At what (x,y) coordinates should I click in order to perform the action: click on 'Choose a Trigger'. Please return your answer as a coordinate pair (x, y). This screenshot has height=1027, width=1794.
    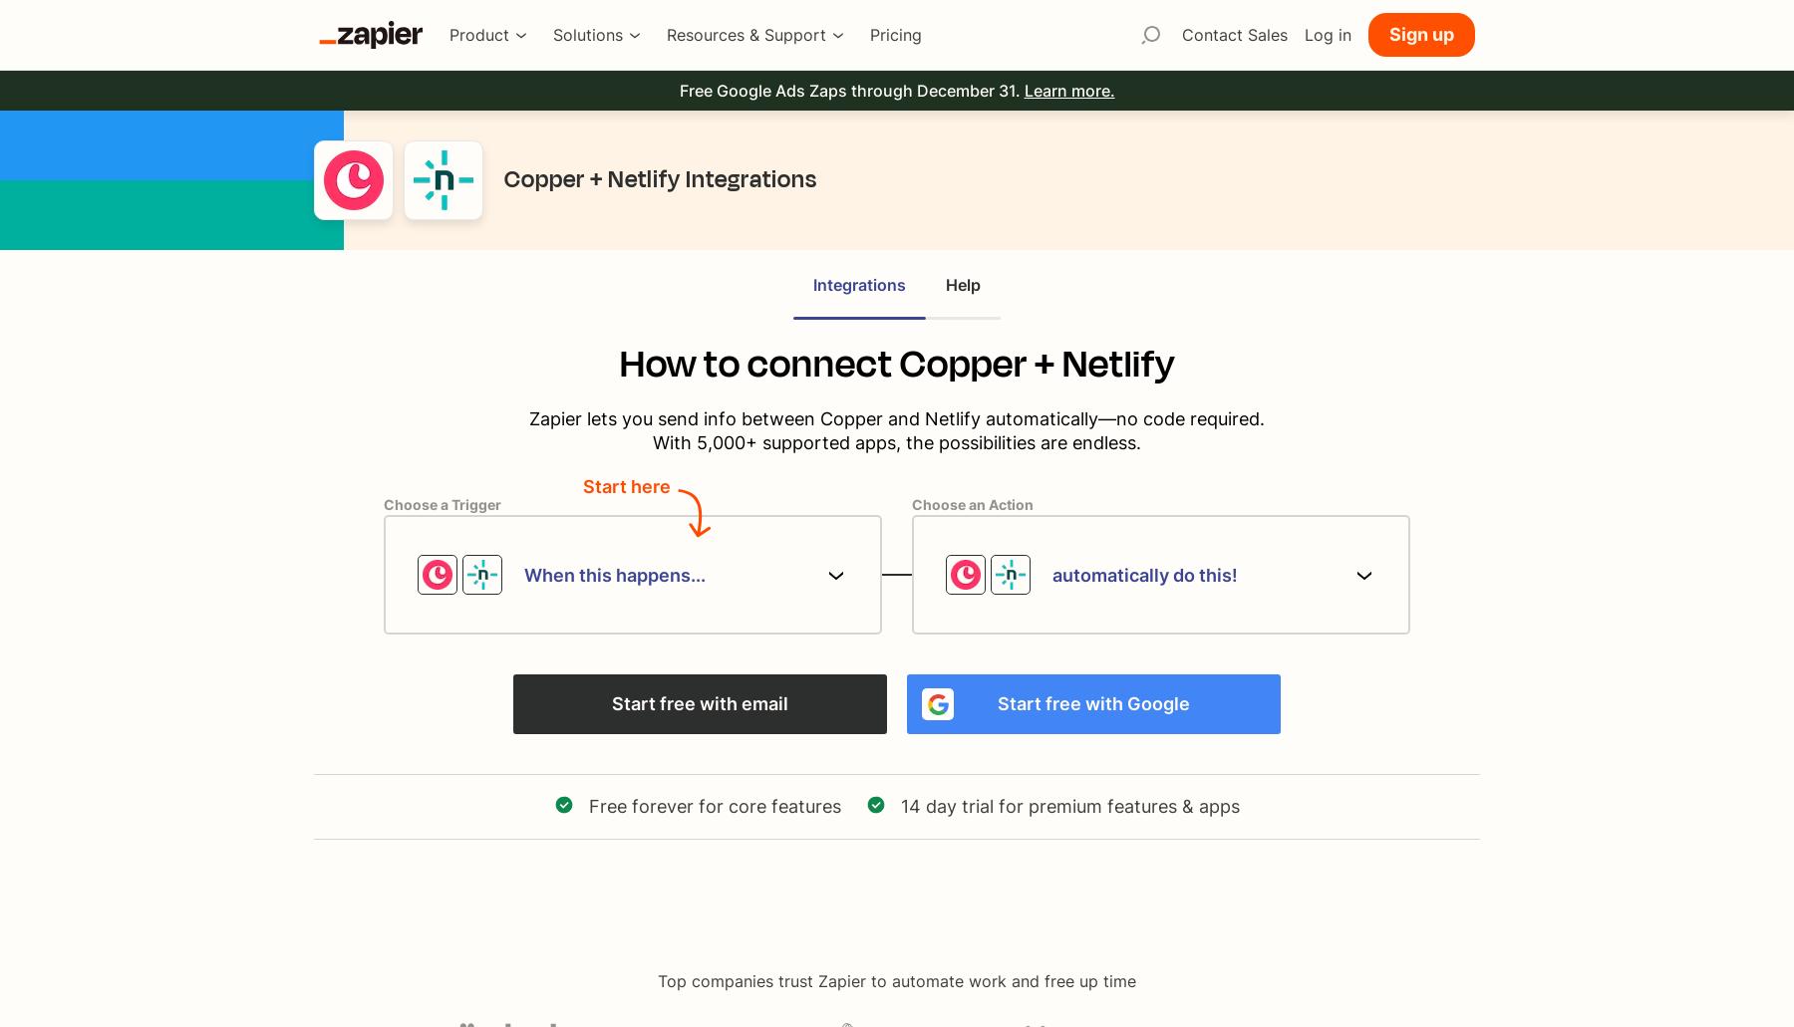
    Looking at the image, I should click on (384, 504).